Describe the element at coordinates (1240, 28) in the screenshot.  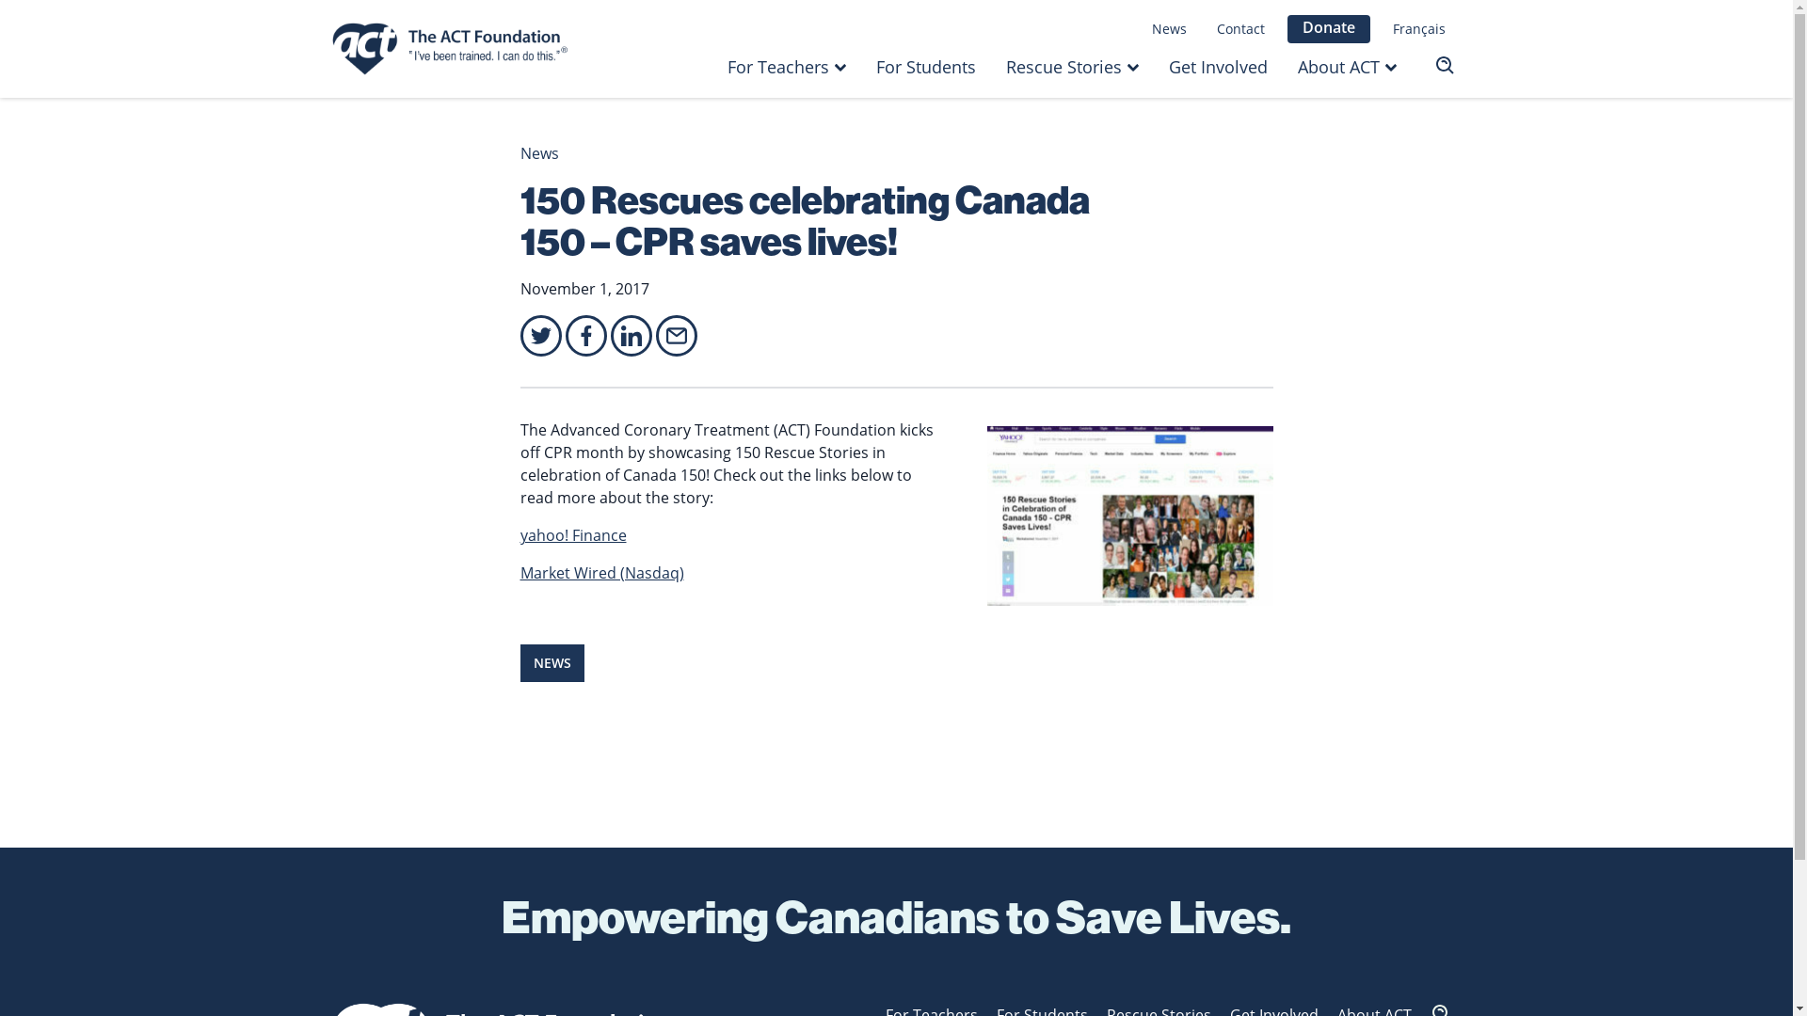
I see `'Contact'` at that location.